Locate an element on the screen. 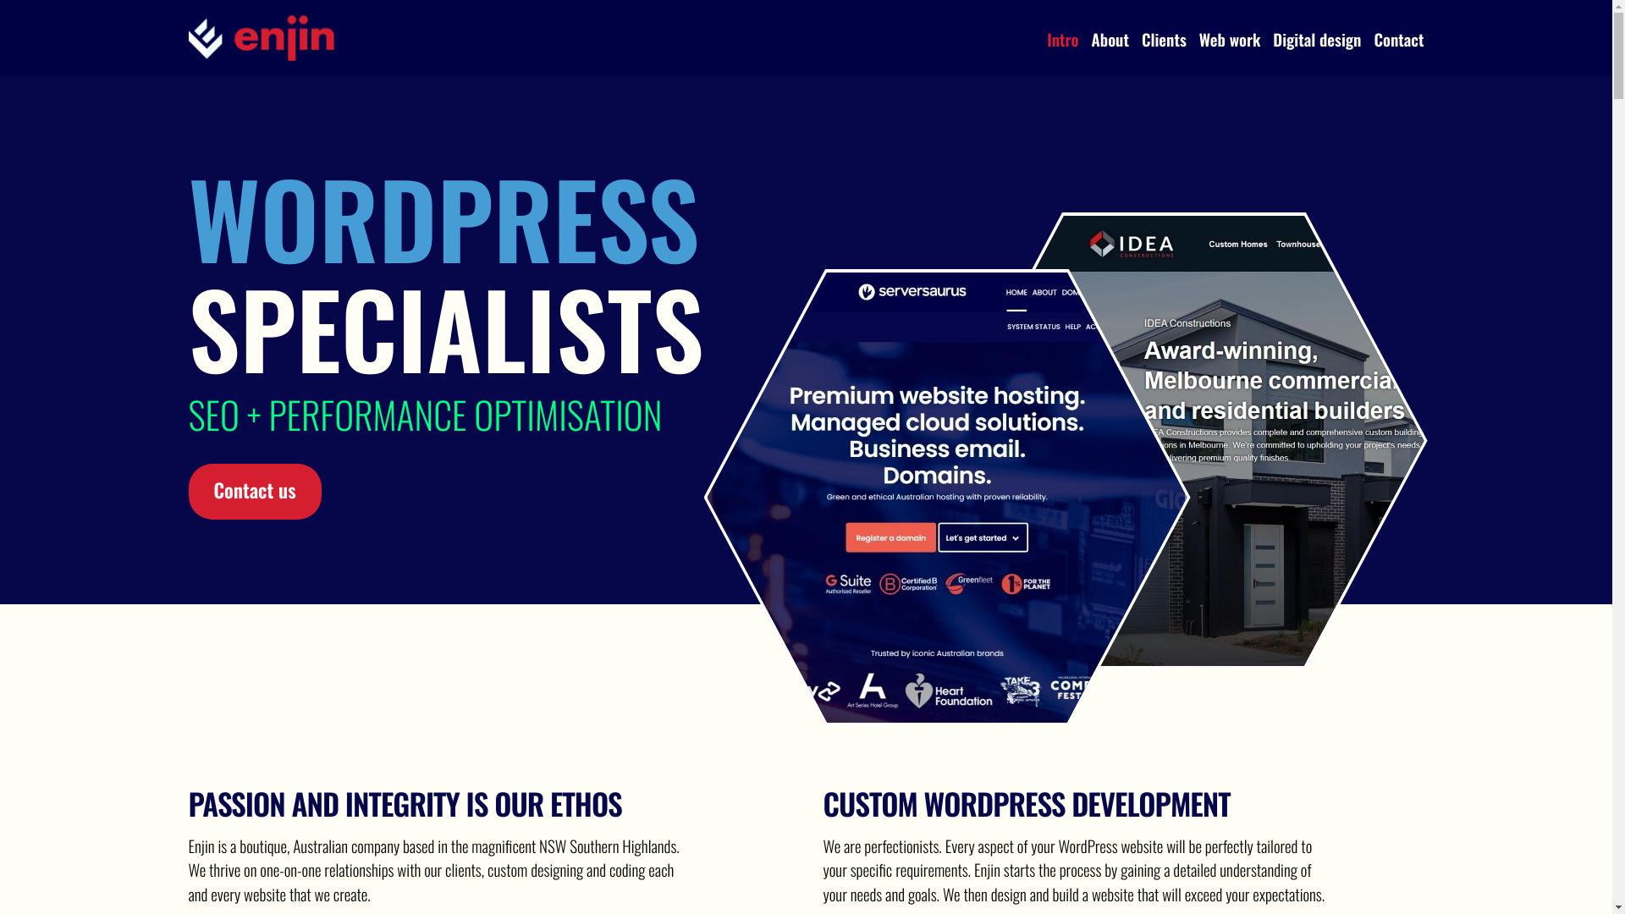 The height and width of the screenshot is (914, 1625). 'Contact us' is located at coordinates (253, 492).